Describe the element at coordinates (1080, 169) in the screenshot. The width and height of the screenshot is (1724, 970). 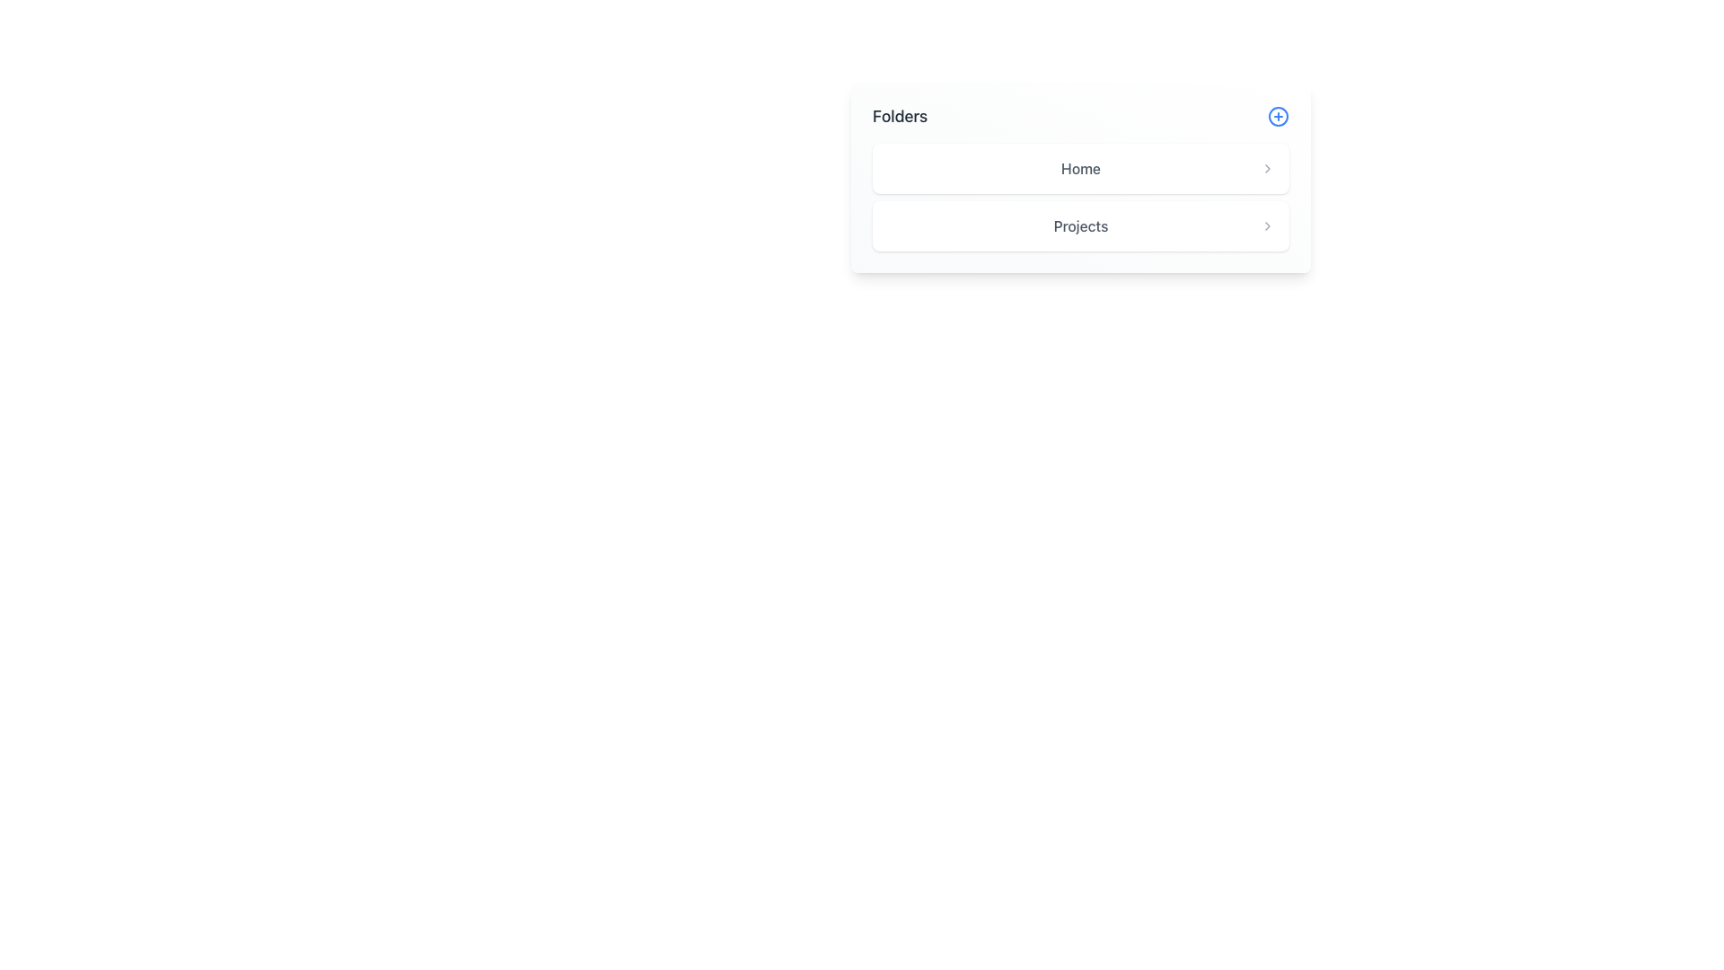
I see `the 'Home' button, which is the first item in the vertical list within the 'Folders' card, to activate its hover effects` at that location.